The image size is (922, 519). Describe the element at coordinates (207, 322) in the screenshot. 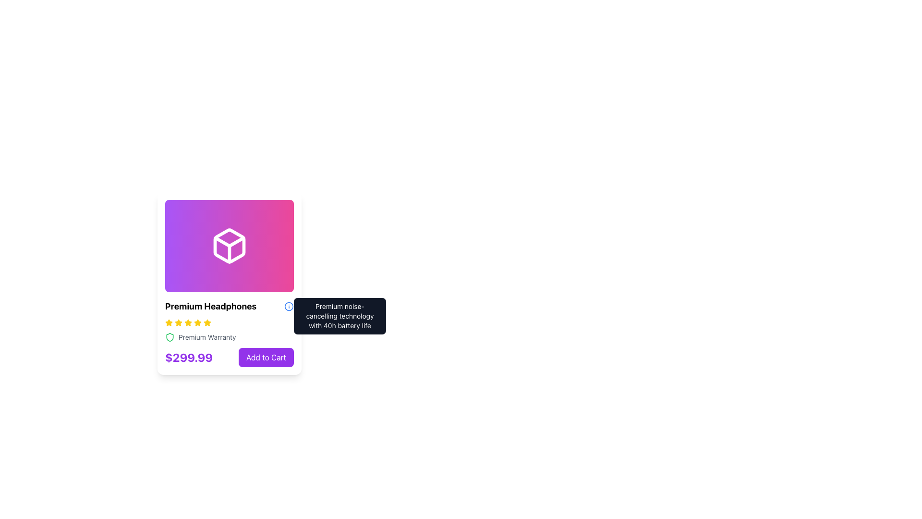

I see `the fourth star-shaped icon in the rating component below the product title 'Premium Headphones' to interact with the rating` at that location.